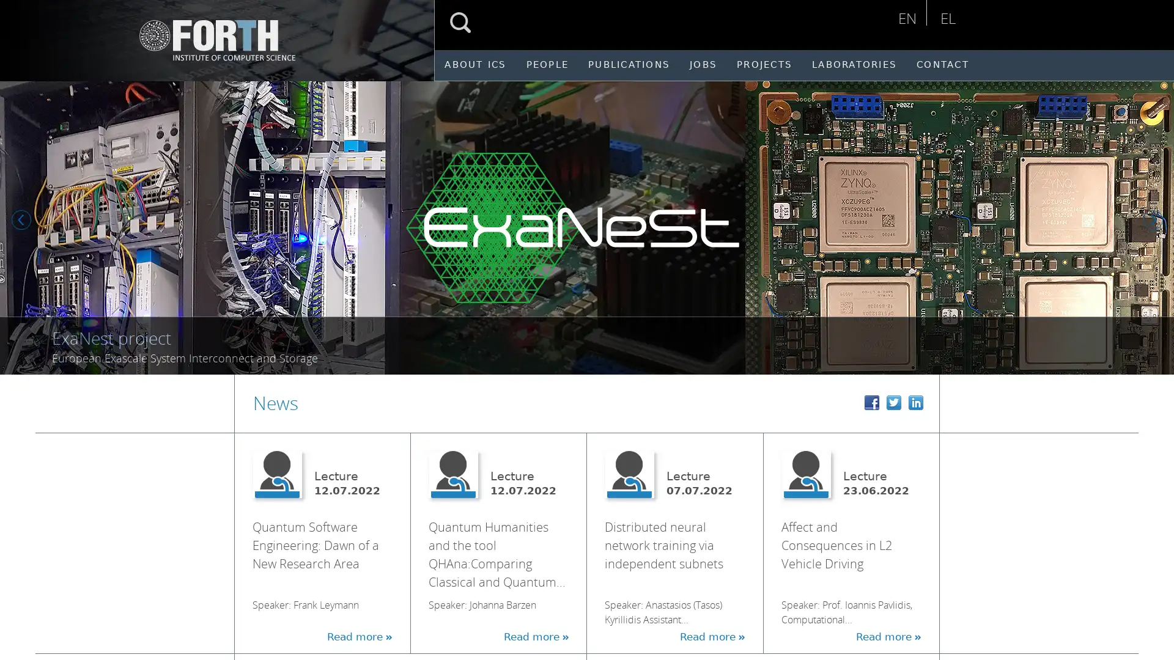 The height and width of the screenshot is (660, 1174). Describe the element at coordinates (1155, 221) in the screenshot. I see `visit next project` at that location.